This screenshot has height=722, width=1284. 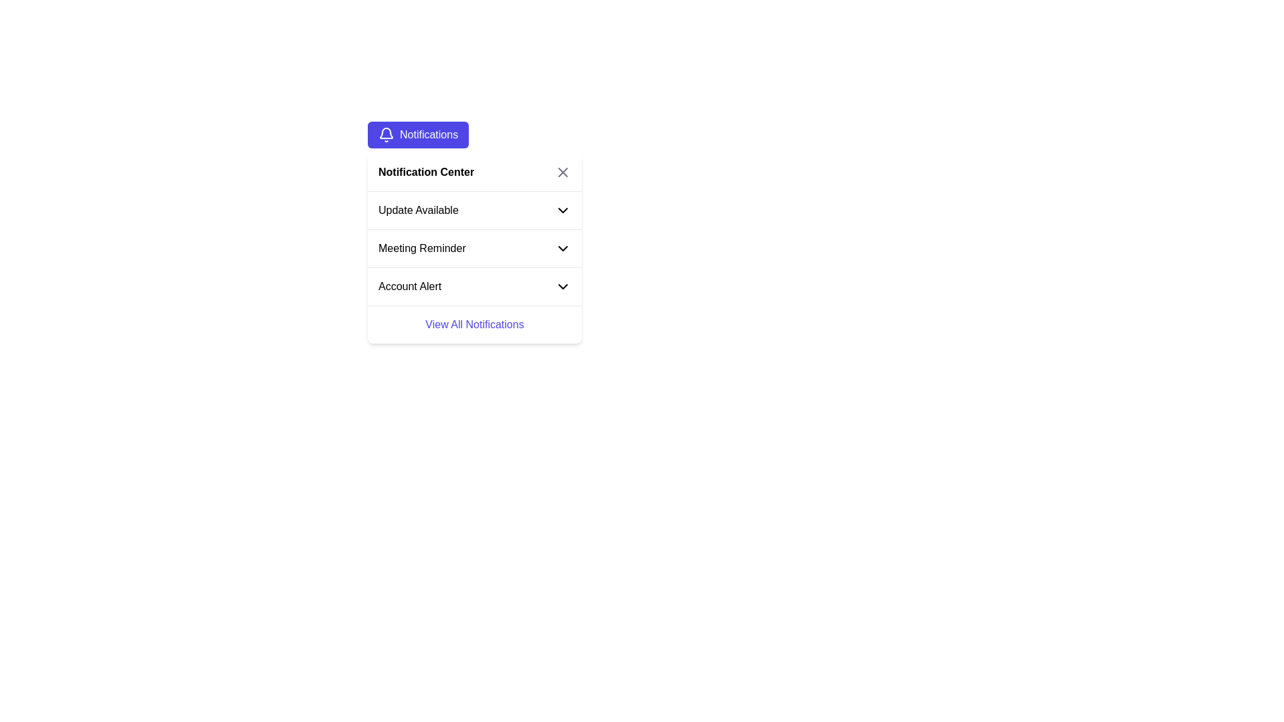 I want to click on the 'Meeting Reminder' expandable notification item, which is the second item in the notification list, so click(x=475, y=247).